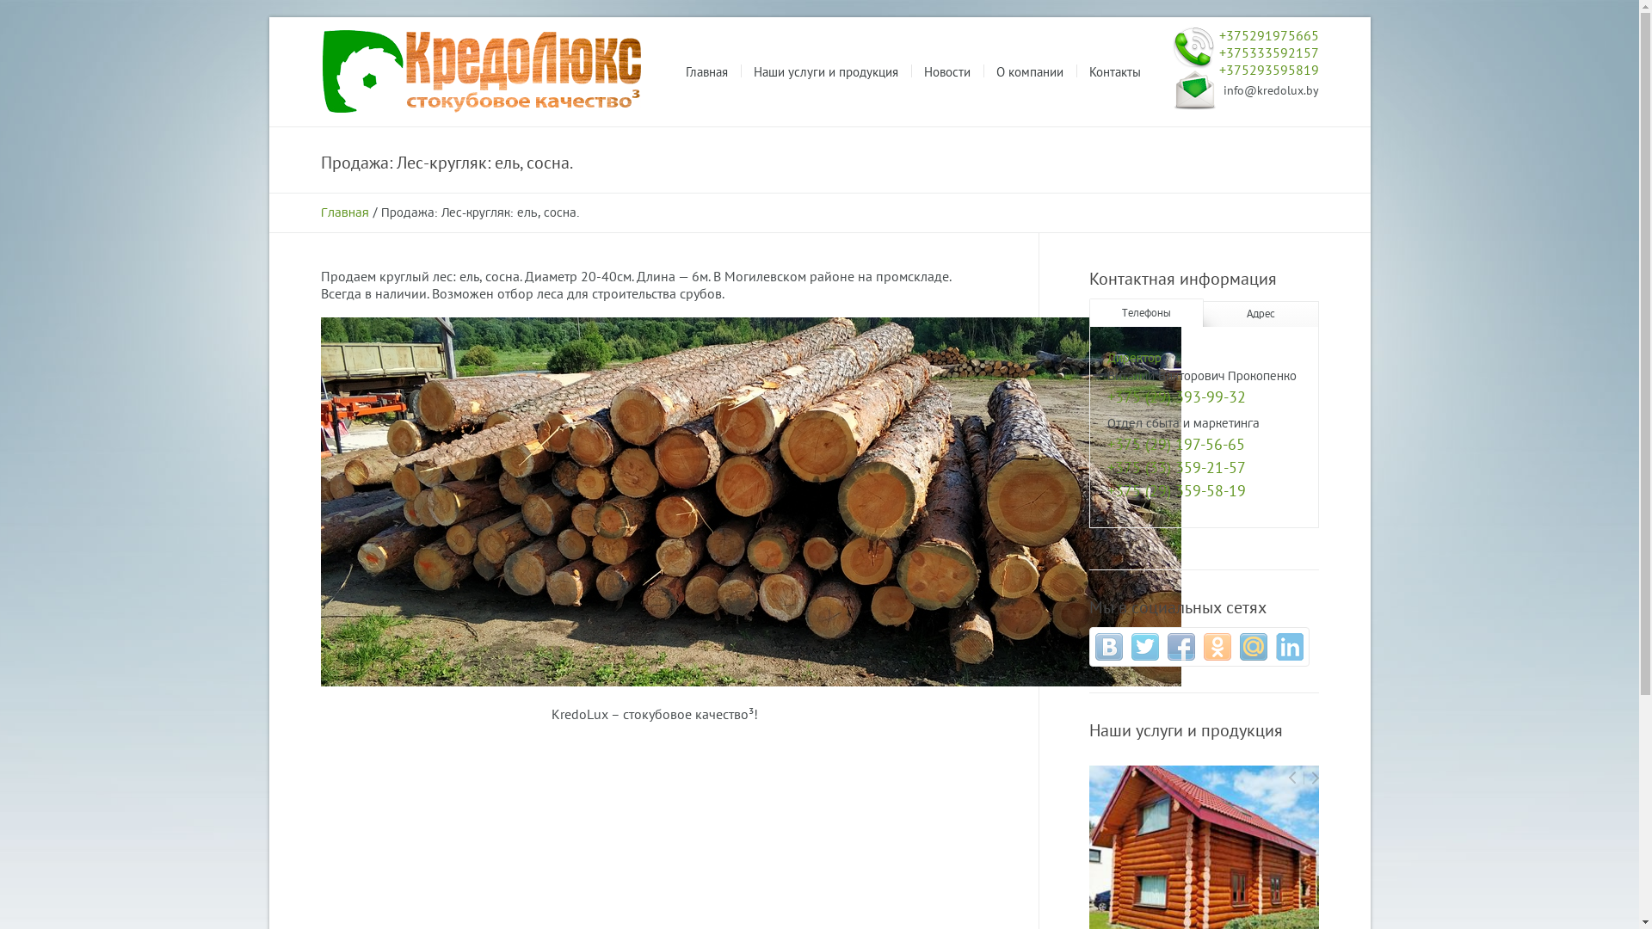  I want to click on '+375333592157', so click(1267, 52).